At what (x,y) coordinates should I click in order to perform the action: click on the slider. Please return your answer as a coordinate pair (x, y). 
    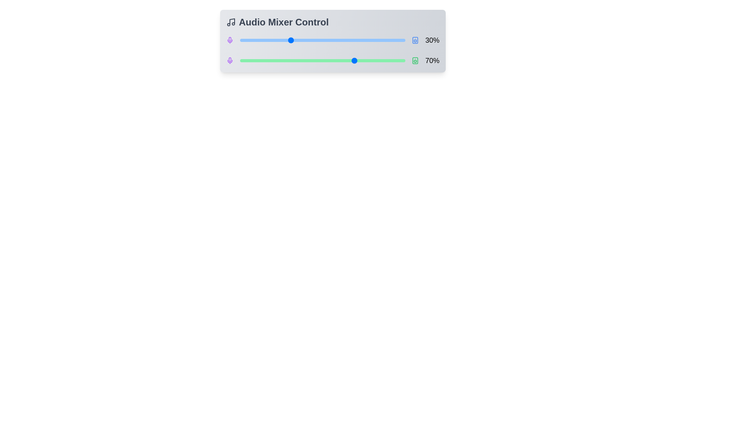
    Looking at the image, I should click on (273, 40).